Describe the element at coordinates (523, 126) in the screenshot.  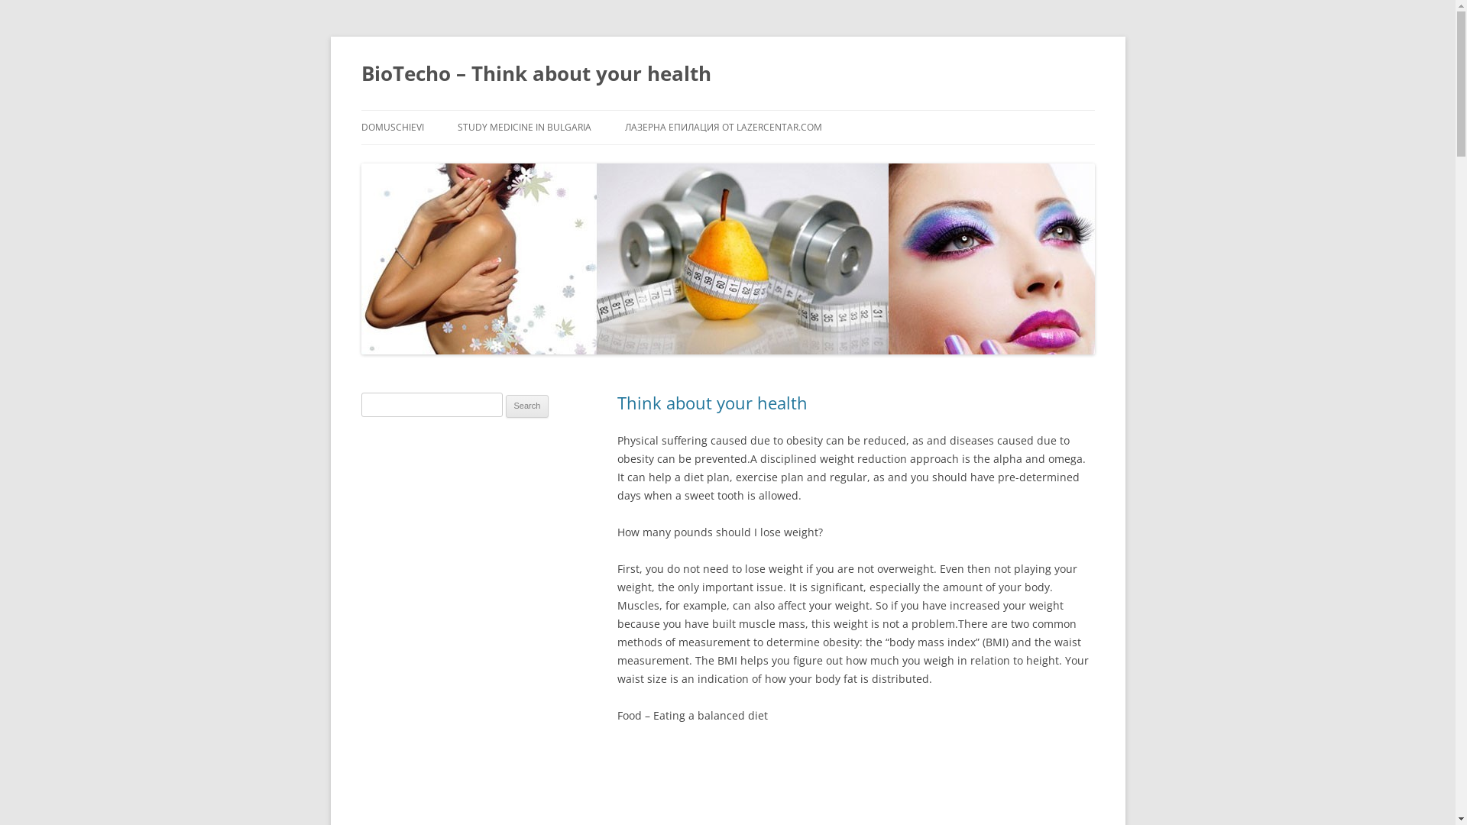
I see `'STUDY MEDICINE IN BULGARIA'` at that location.